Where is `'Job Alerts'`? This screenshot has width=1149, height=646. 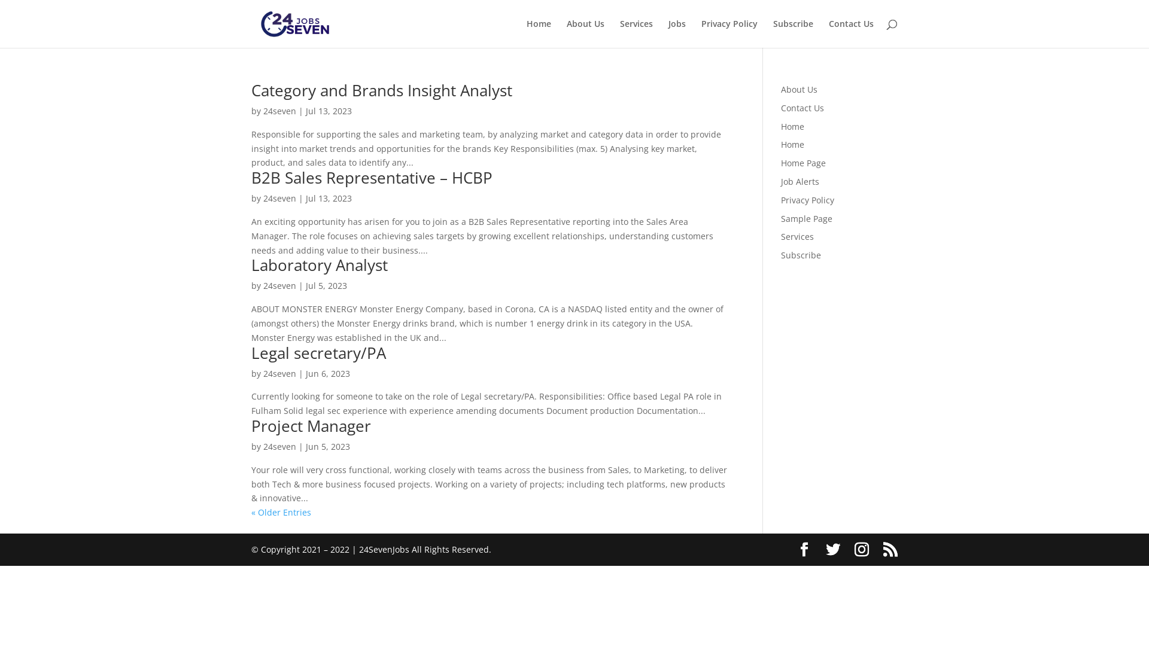
'Job Alerts' is located at coordinates (800, 181).